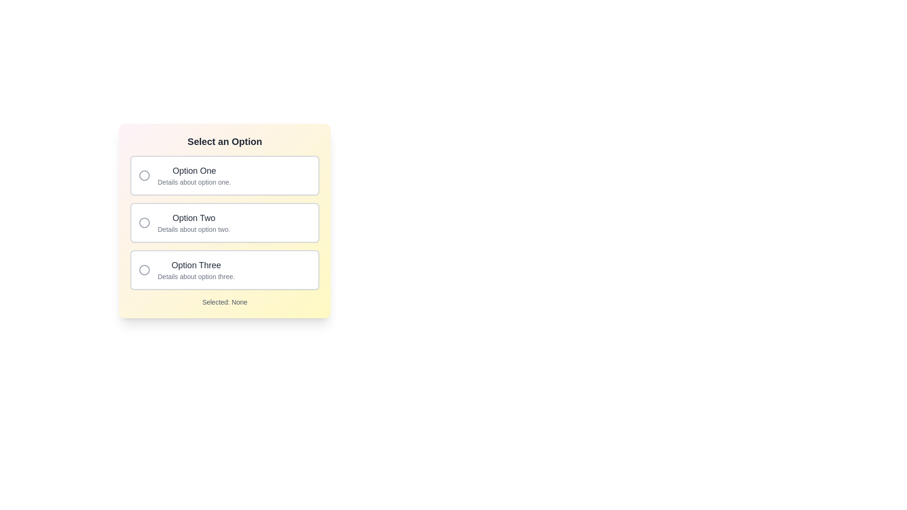 The image size is (907, 510). What do you see at coordinates (194, 182) in the screenshot?
I see `the Text Label that provides additional descriptive information about 'Option One', located immediately below the header text 'Option One' in the first option block` at bounding box center [194, 182].